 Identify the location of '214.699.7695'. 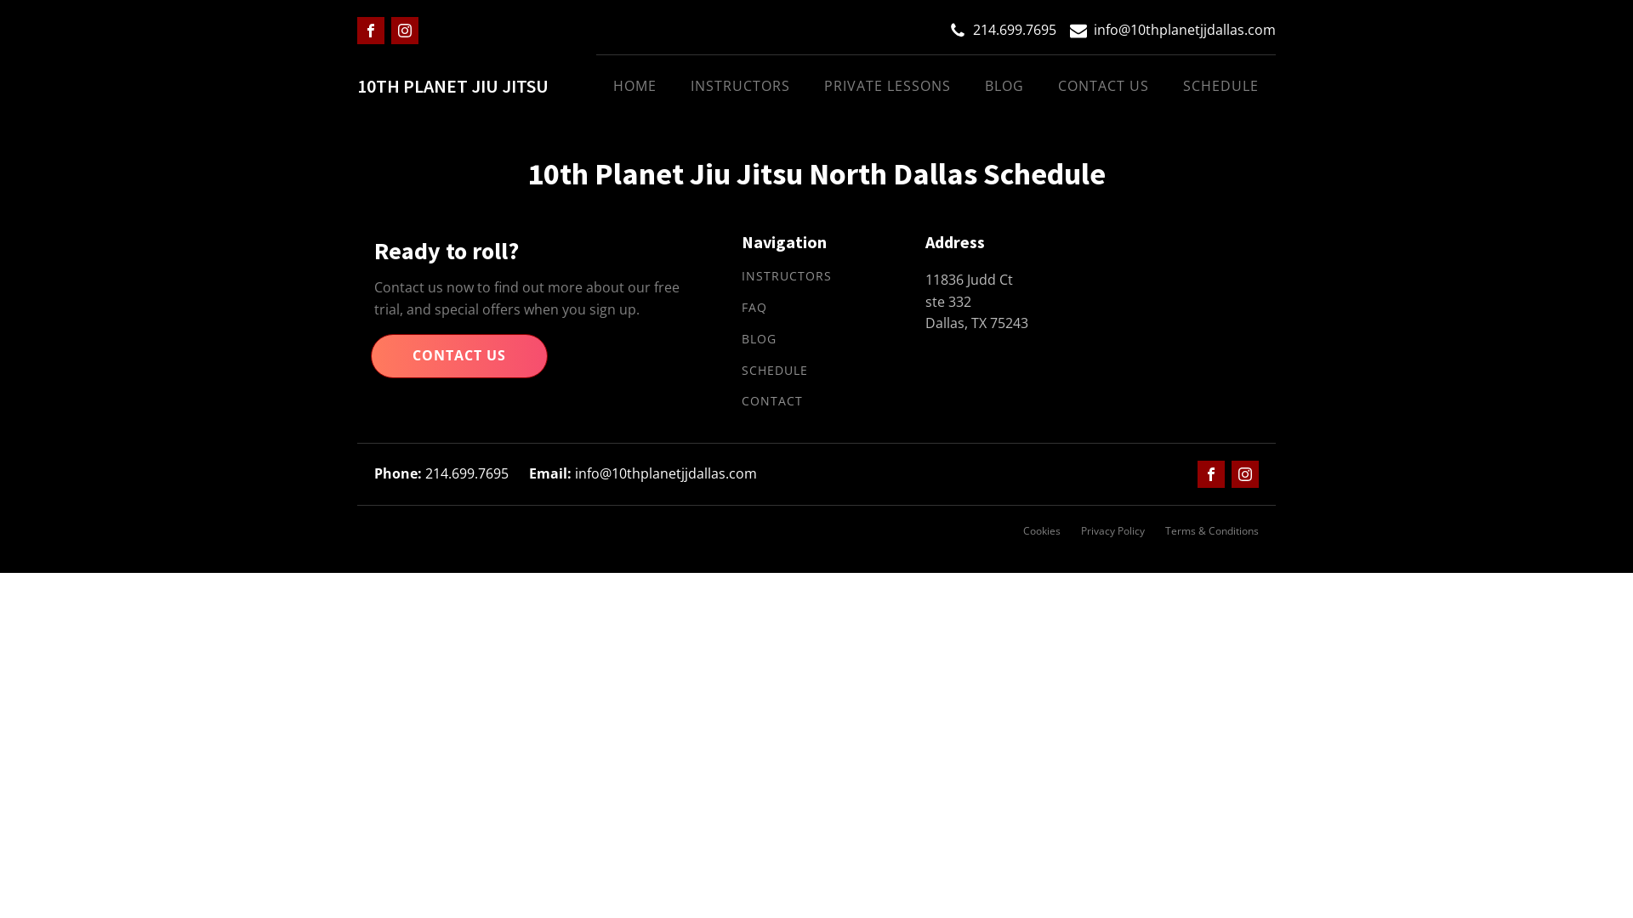
(972, 30).